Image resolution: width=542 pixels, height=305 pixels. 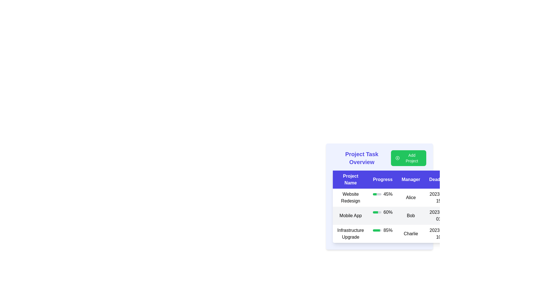 I want to click on the third column header in the Project Task Overview table, which indicates the manager associated with each project, located between the 'Progress' and 'Deadline' headers, so click(x=411, y=180).